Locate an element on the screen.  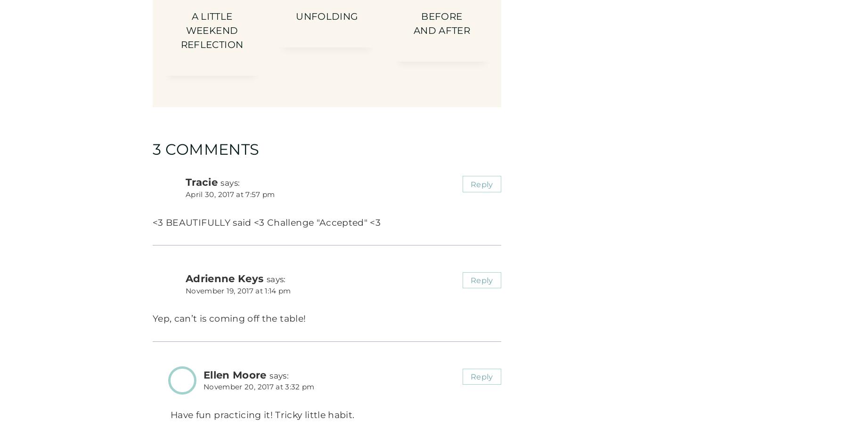
'Adrienne Keys' is located at coordinates (224, 278).